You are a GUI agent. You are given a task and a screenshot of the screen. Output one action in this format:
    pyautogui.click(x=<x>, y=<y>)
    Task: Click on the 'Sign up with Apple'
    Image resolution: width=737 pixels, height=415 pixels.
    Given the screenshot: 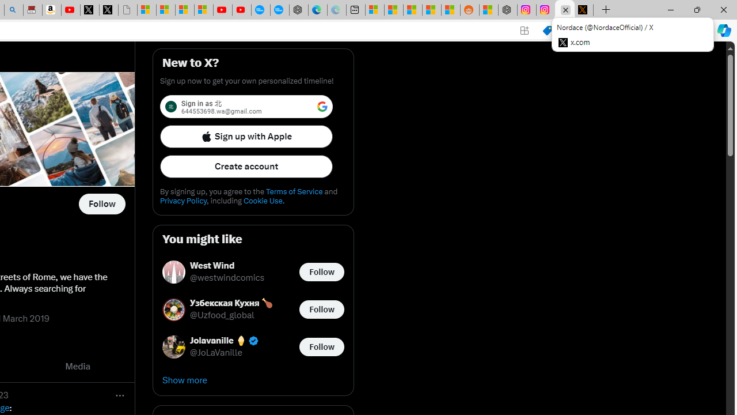 What is the action you would take?
    pyautogui.click(x=246, y=135)
    